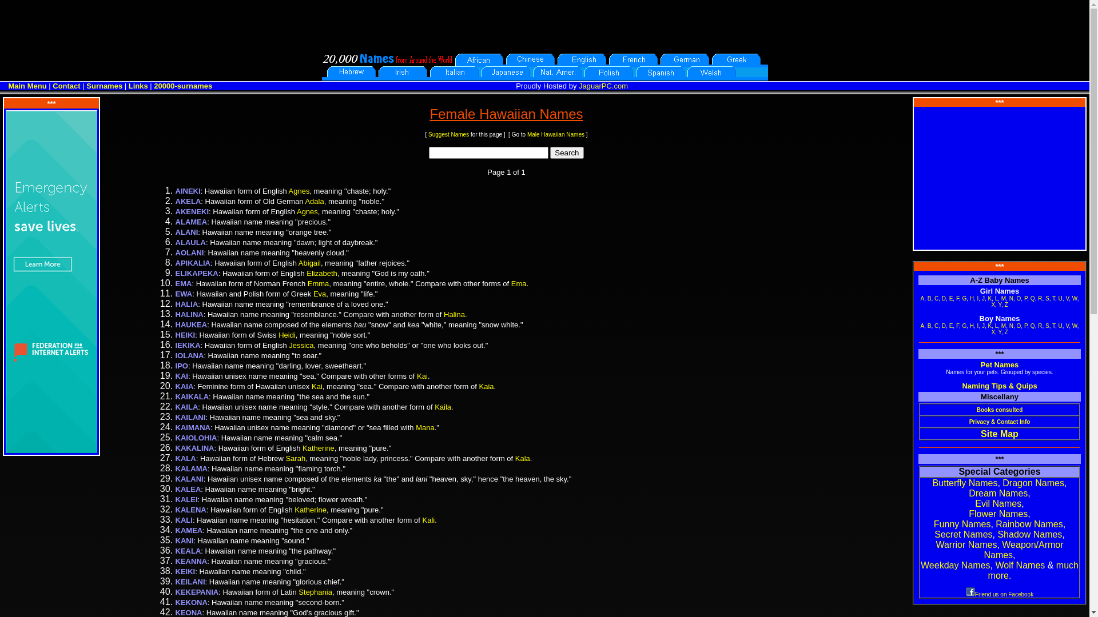 The width and height of the screenshot is (1098, 617). What do you see at coordinates (522, 458) in the screenshot?
I see `'Kala'` at bounding box center [522, 458].